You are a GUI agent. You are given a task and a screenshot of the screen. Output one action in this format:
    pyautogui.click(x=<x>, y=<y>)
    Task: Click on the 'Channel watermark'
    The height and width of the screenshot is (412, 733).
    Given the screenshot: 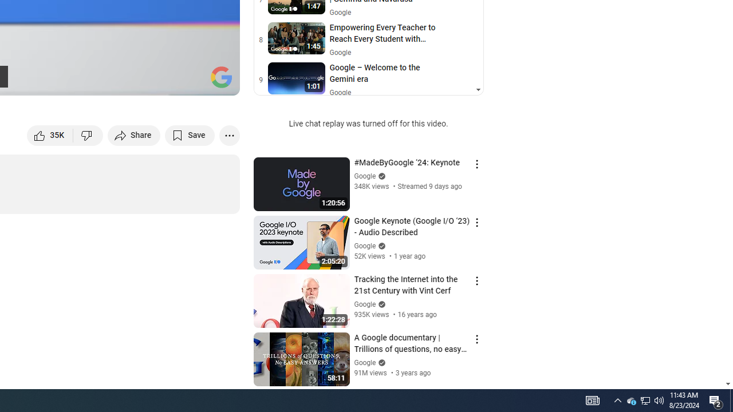 What is the action you would take?
    pyautogui.click(x=221, y=77)
    